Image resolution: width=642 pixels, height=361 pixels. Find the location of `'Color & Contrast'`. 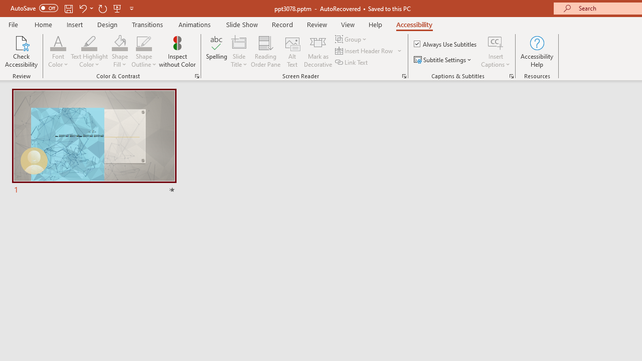

'Color & Contrast' is located at coordinates (197, 75).